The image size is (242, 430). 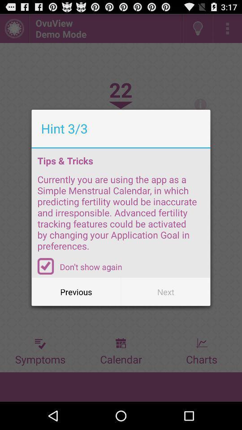 I want to click on the icon on the left, so click(x=46, y=266).